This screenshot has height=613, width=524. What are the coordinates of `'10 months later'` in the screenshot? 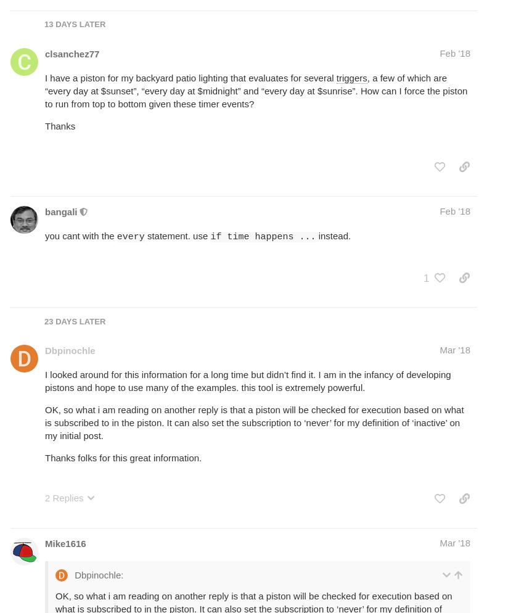 It's located at (81, 81).